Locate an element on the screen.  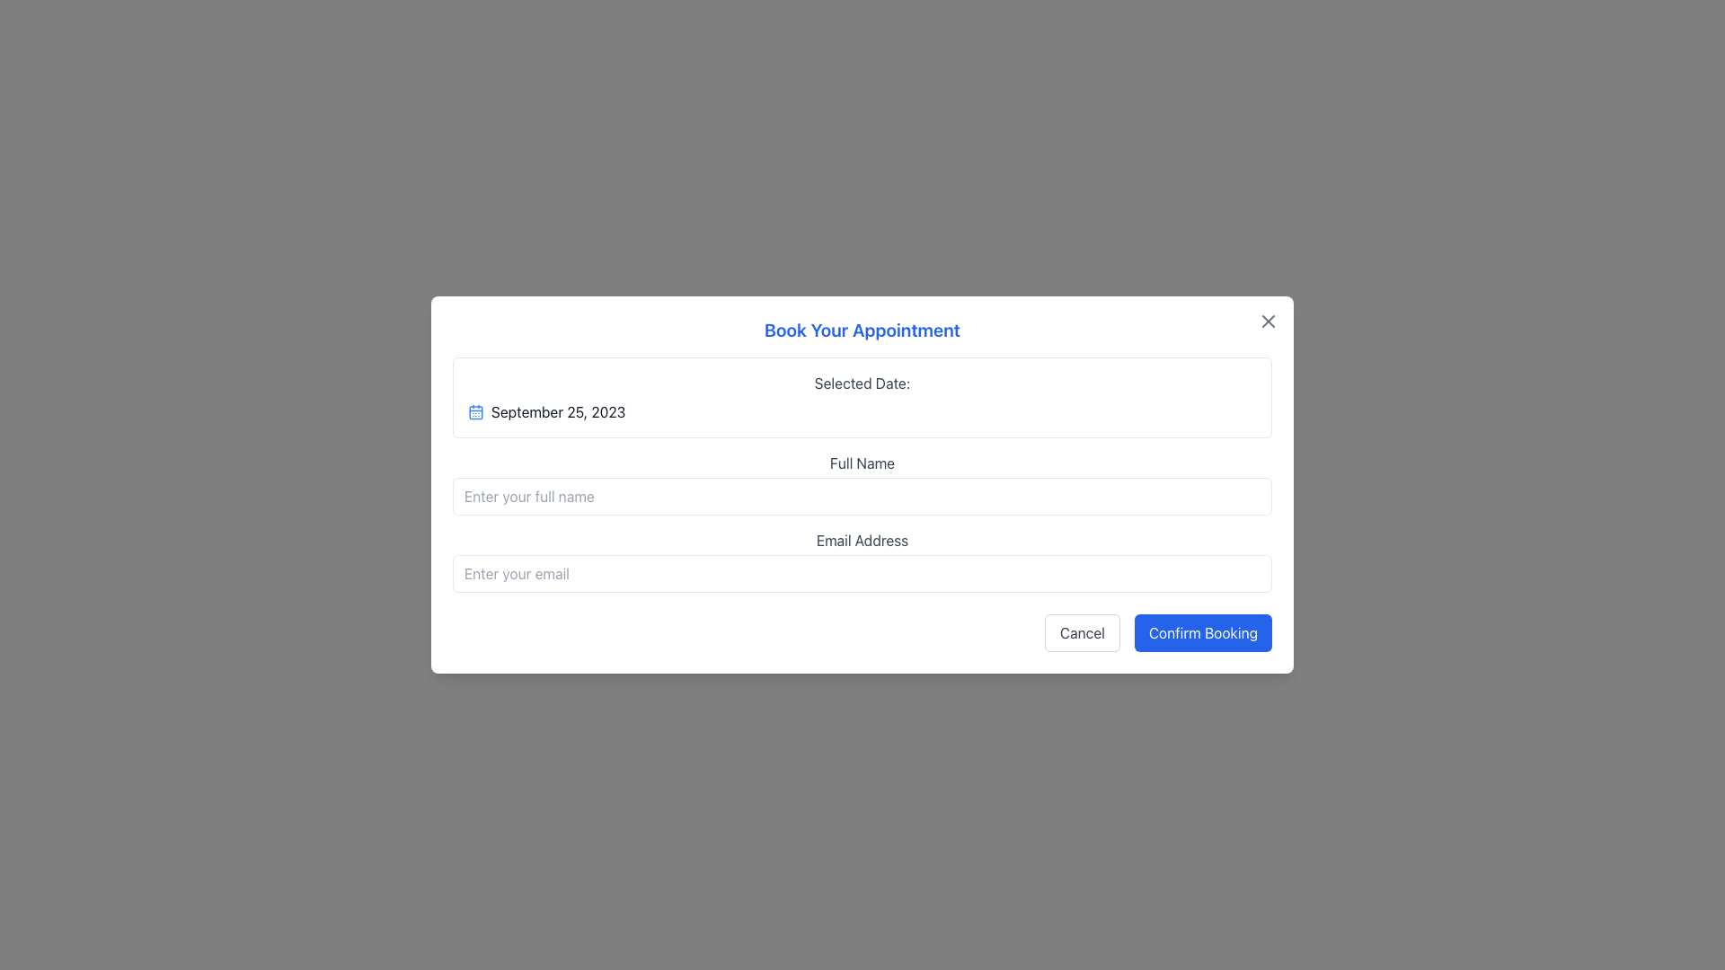
the blue outlined calendar icon to the left of the date 'September 25, 2023' is located at coordinates (475, 412).